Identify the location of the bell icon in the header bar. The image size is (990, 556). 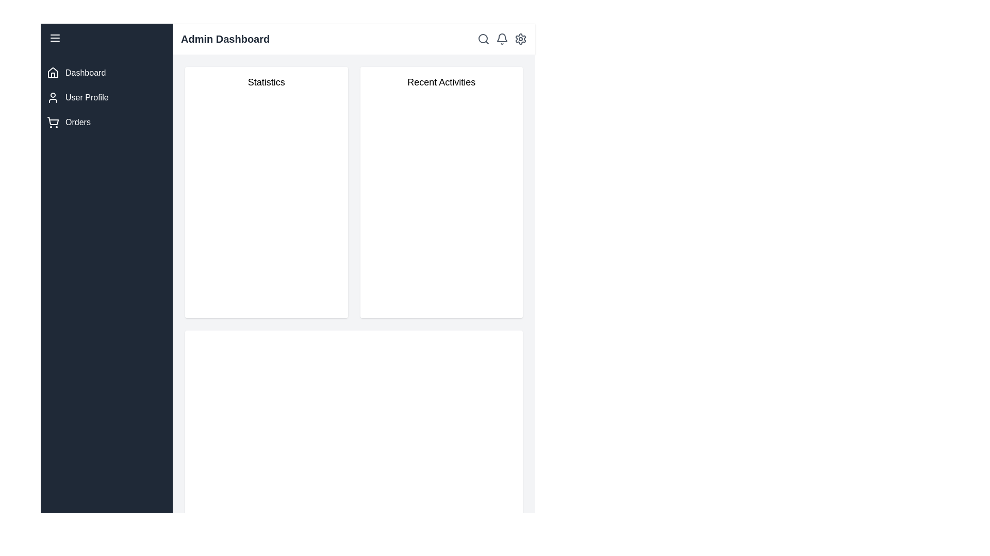
(502, 39).